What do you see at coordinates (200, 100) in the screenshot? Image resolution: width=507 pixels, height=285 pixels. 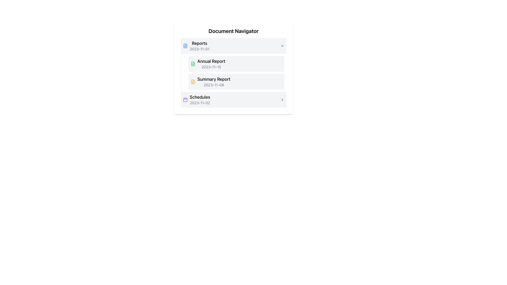 I see `text label titled 'Schedules' with the date '2023-11-02' located in the bottom section of the 'Document Navigator' panel, the last item in the list` at bounding box center [200, 100].